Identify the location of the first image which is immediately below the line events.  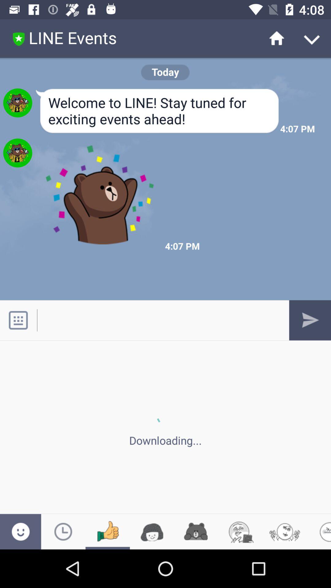
(17, 103).